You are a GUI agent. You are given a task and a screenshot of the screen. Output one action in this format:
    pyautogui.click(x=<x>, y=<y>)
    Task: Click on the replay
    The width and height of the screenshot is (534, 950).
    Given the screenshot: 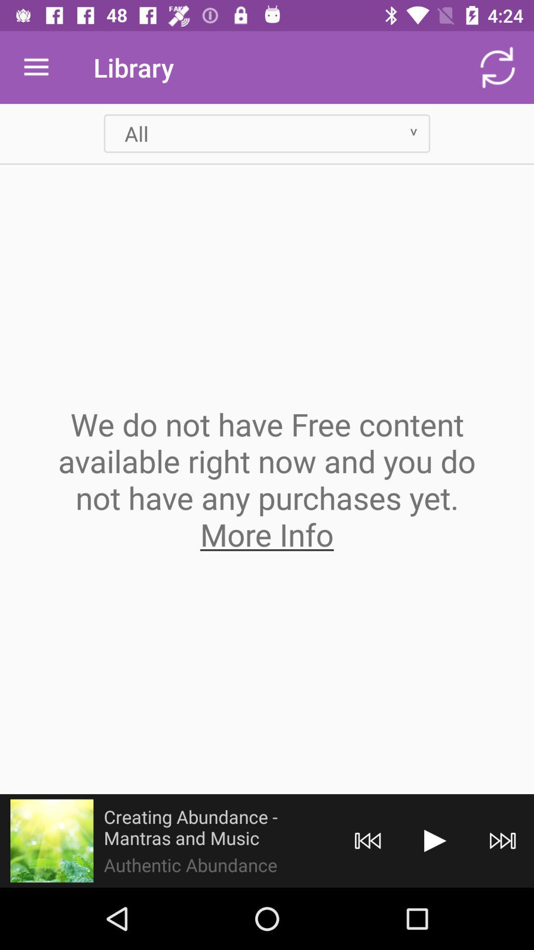 What is the action you would take?
    pyautogui.click(x=368, y=840)
    